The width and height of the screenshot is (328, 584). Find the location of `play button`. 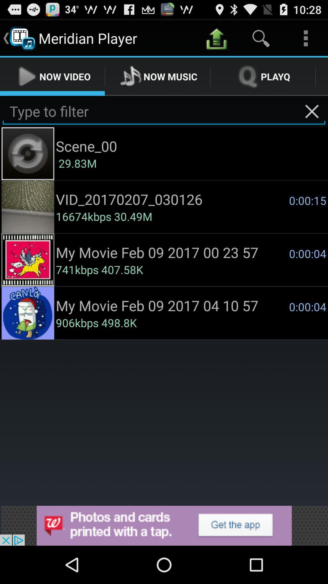

play button is located at coordinates (26, 76).